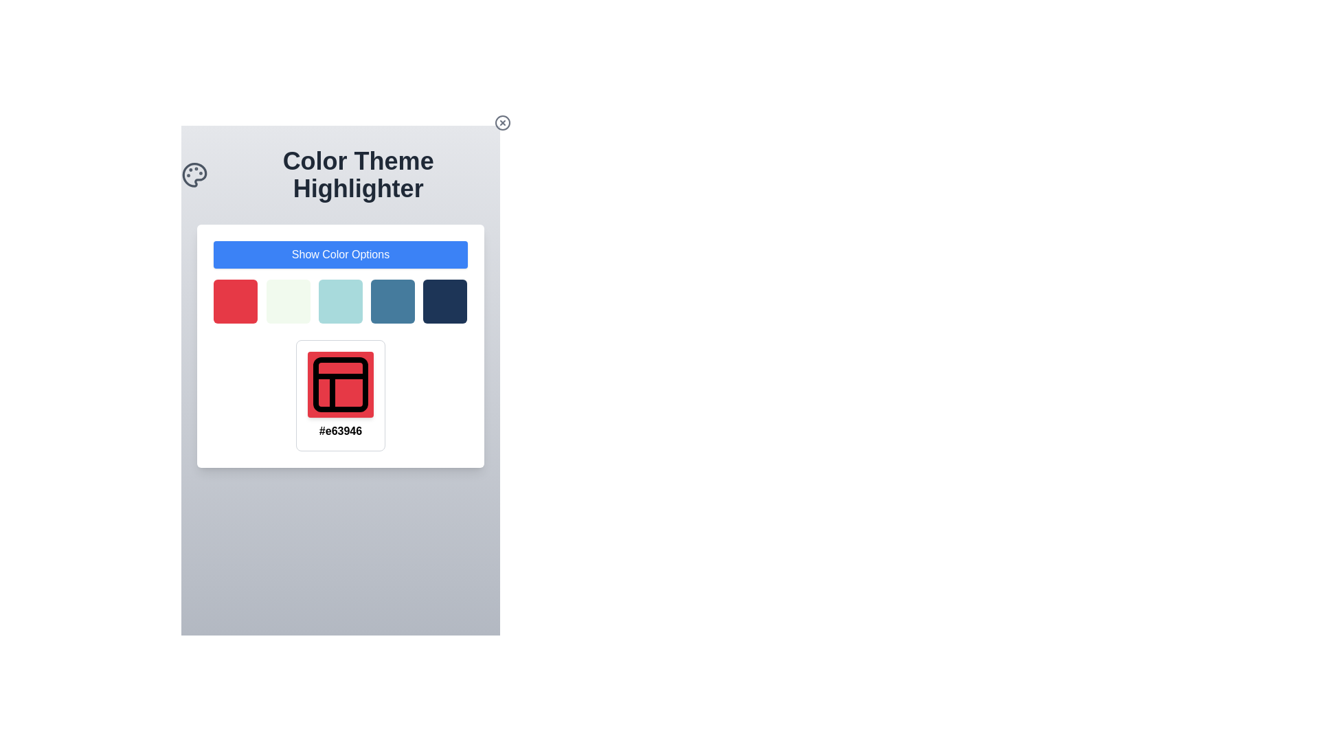 The width and height of the screenshot is (1319, 742). I want to click on the middle square color option in the grid layout, located below the 'Show Color Options' button, so click(340, 301).